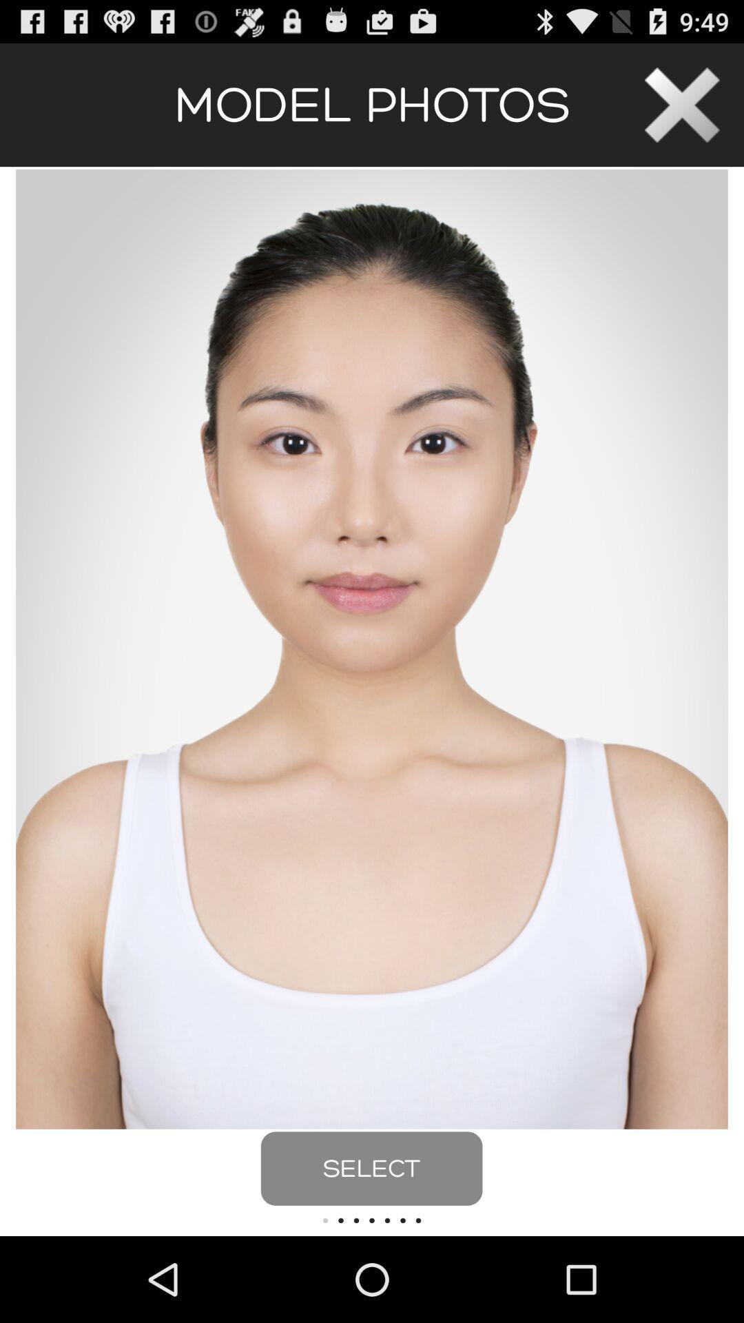 The width and height of the screenshot is (744, 1323). I want to click on the select button, so click(371, 1168).